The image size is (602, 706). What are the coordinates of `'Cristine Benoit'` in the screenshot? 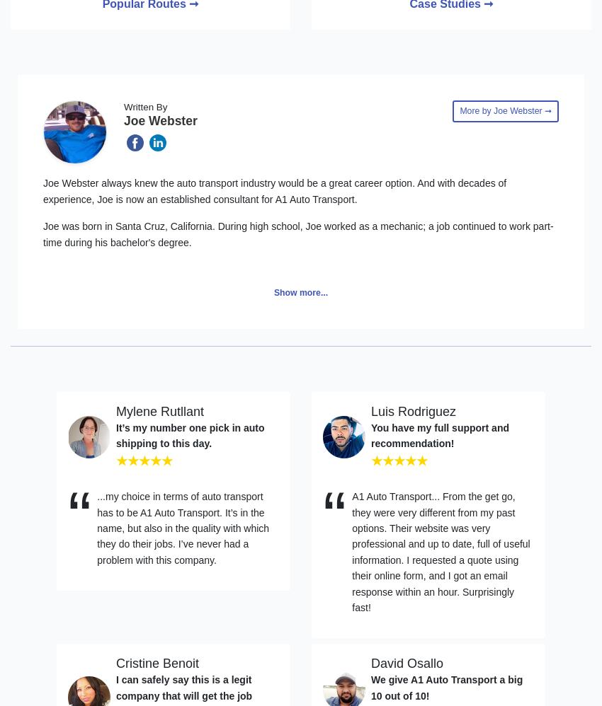 It's located at (157, 664).